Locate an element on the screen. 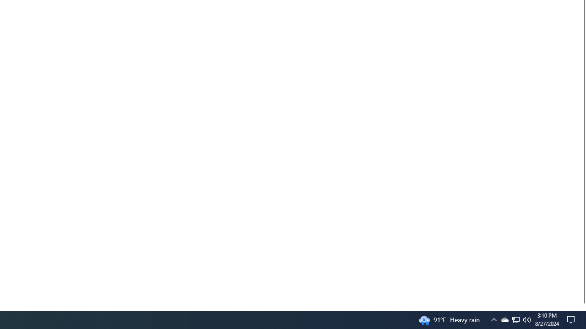 This screenshot has height=329, width=586. 'User Promoted Notification Area' is located at coordinates (516, 319).